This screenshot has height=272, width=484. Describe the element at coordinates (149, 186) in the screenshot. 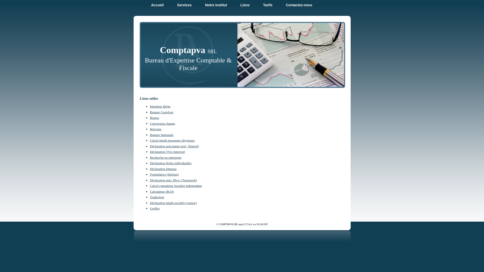

I see `'Calcul cotisations Sociales independant'` at that location.